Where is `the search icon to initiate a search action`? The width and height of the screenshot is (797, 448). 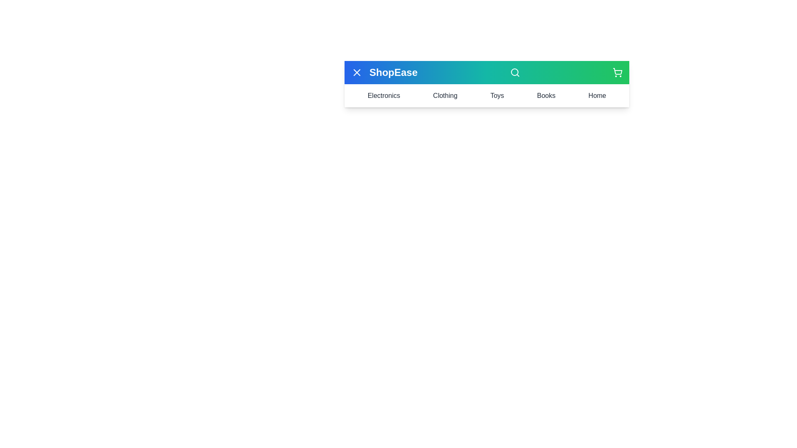
the search icon to initiate a search action is located at coordinates (515, 72).